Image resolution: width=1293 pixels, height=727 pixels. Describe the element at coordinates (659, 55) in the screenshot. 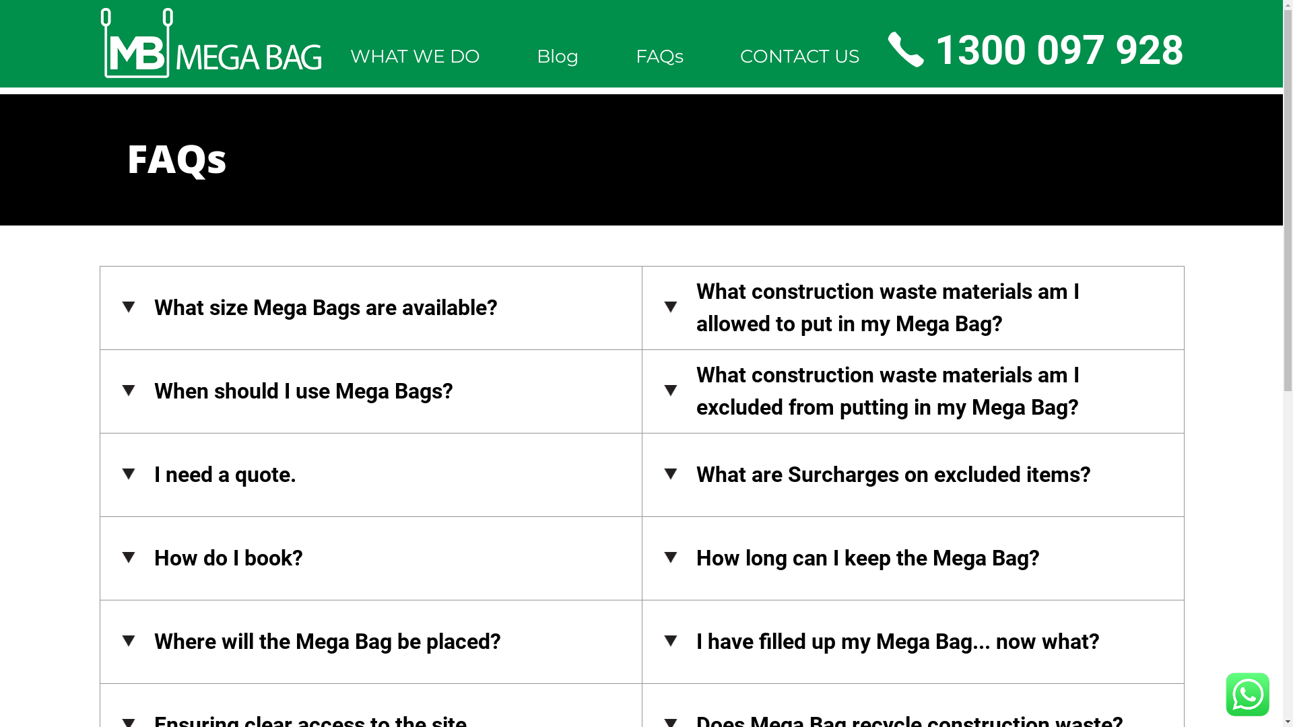

I see `'FAQs'` at that location.